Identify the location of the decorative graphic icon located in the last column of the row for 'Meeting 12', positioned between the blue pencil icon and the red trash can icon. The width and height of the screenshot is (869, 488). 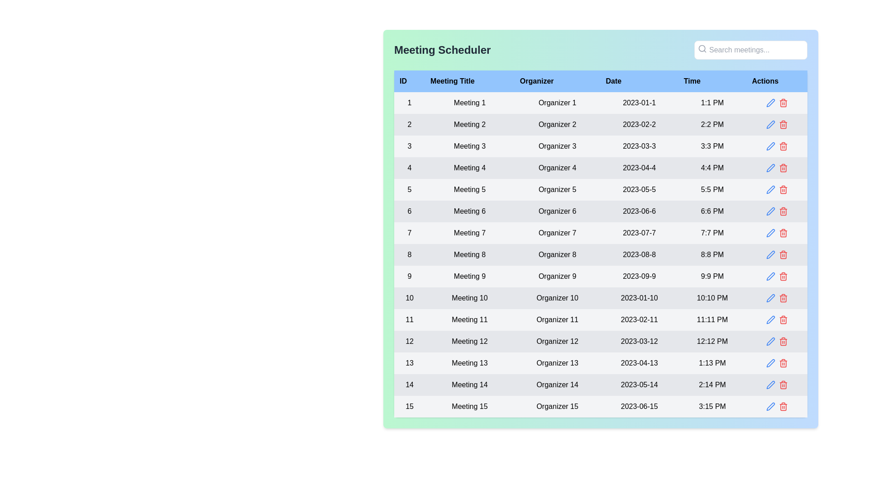
(776, 342).